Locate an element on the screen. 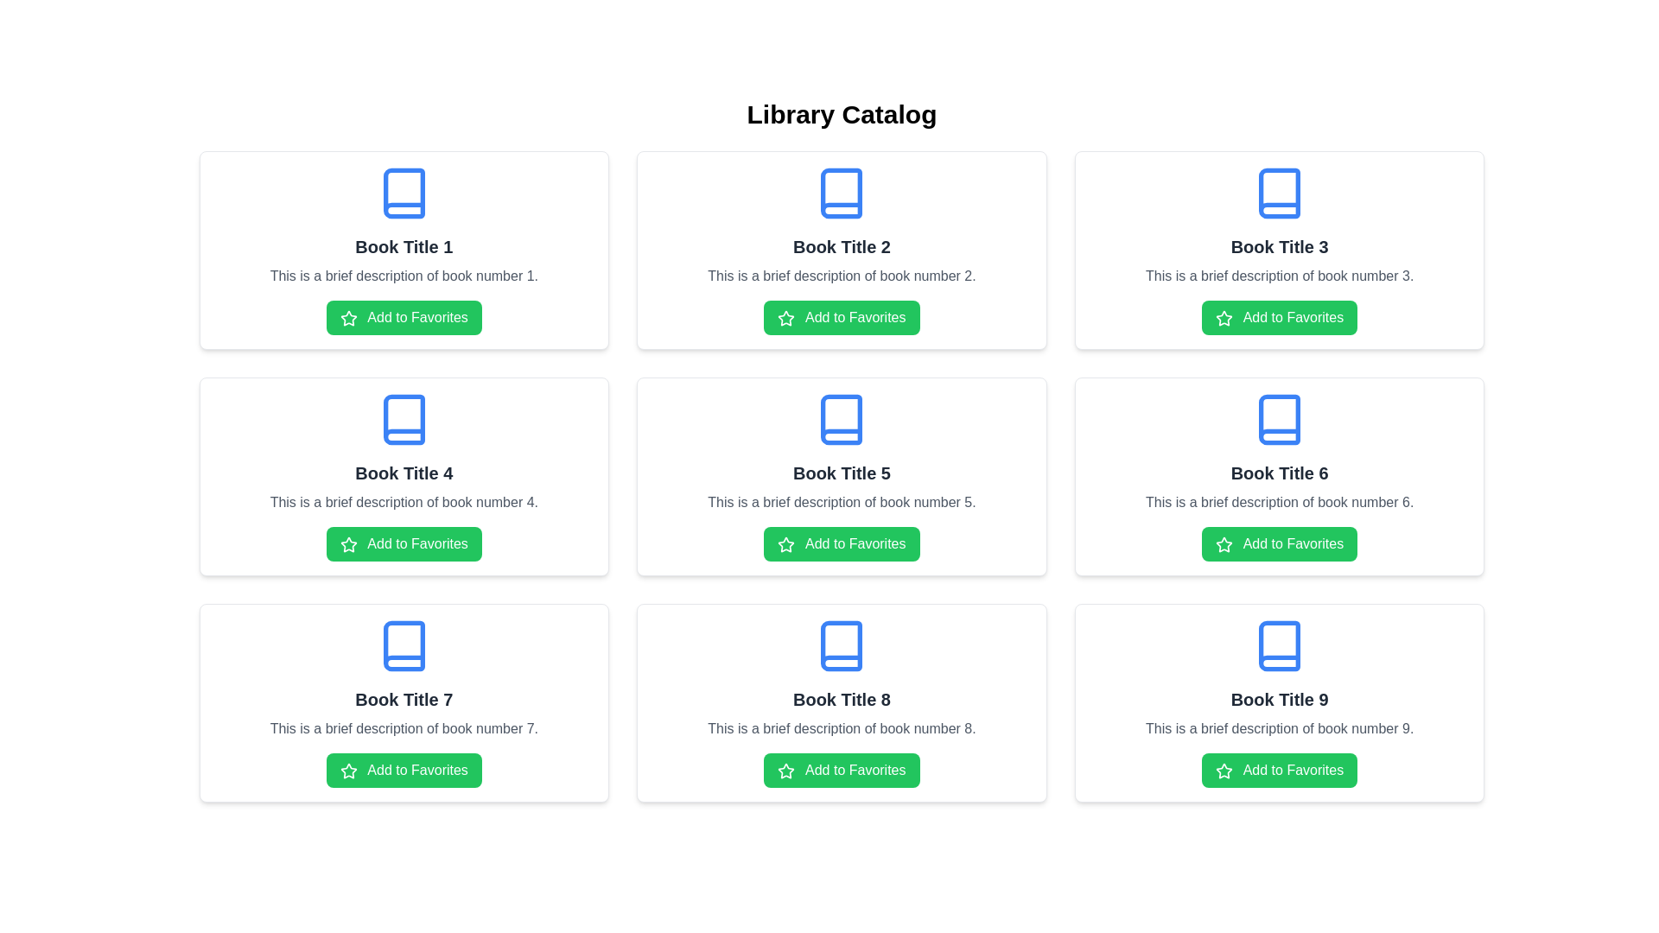  the green star-shaped icon located above the 'Add to Favorites' button for 'Book Title 4' is located at coordinates (347, 544).